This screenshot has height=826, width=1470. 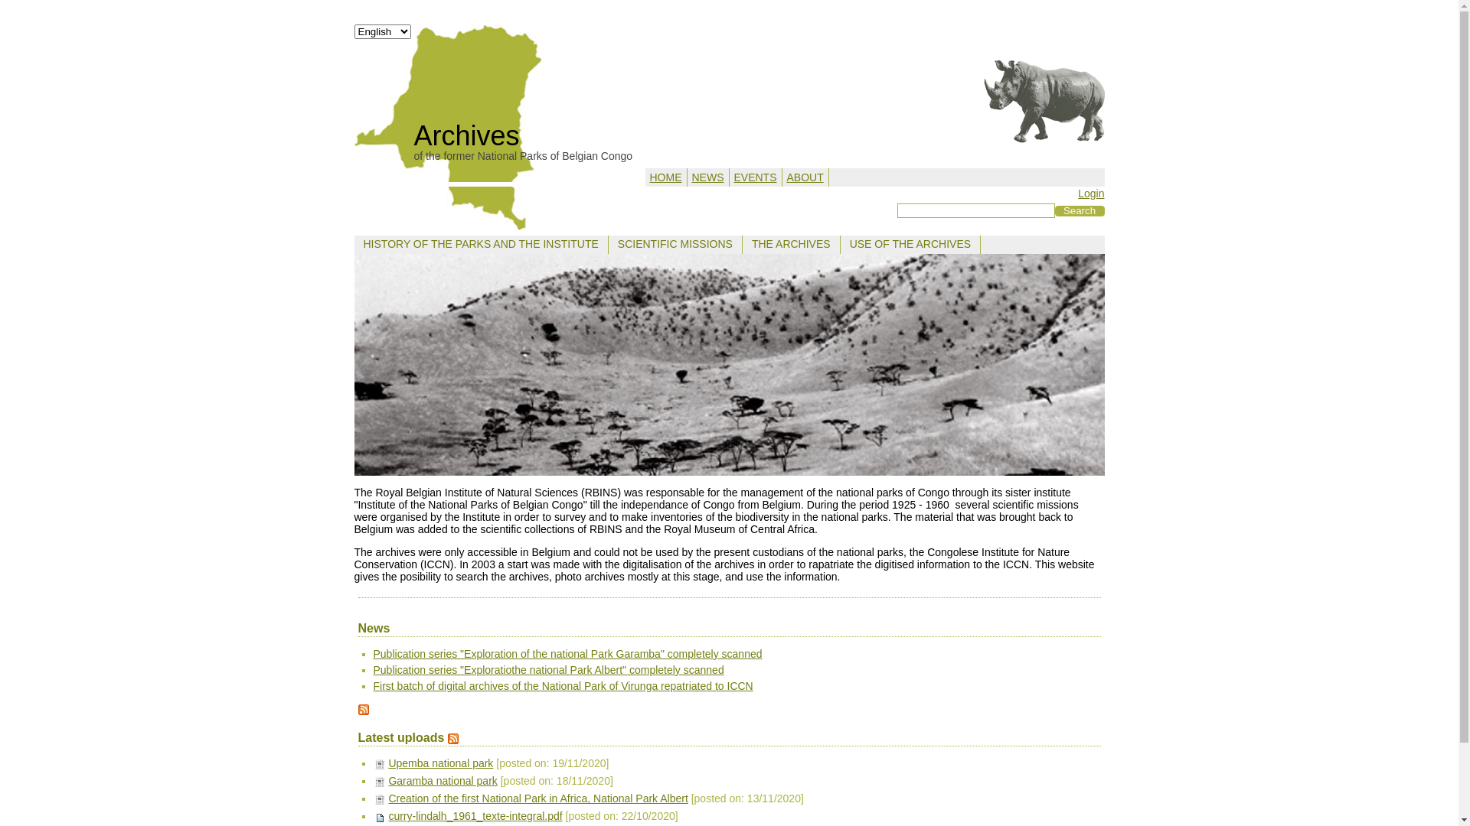 What do you see at coordinates (691, 176) in the screenshot?
I see `'NEWS'` at bounding box center [691, 176].